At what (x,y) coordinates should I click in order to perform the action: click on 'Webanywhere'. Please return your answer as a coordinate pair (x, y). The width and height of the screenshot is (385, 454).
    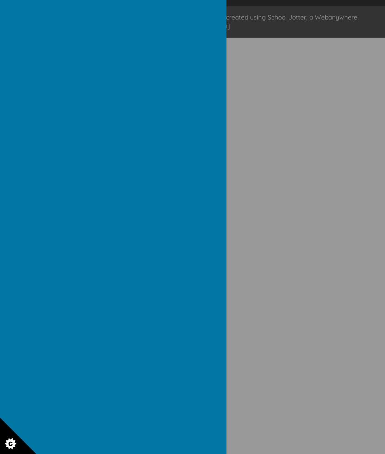
    Looking at the image, I should click on (336, 17).